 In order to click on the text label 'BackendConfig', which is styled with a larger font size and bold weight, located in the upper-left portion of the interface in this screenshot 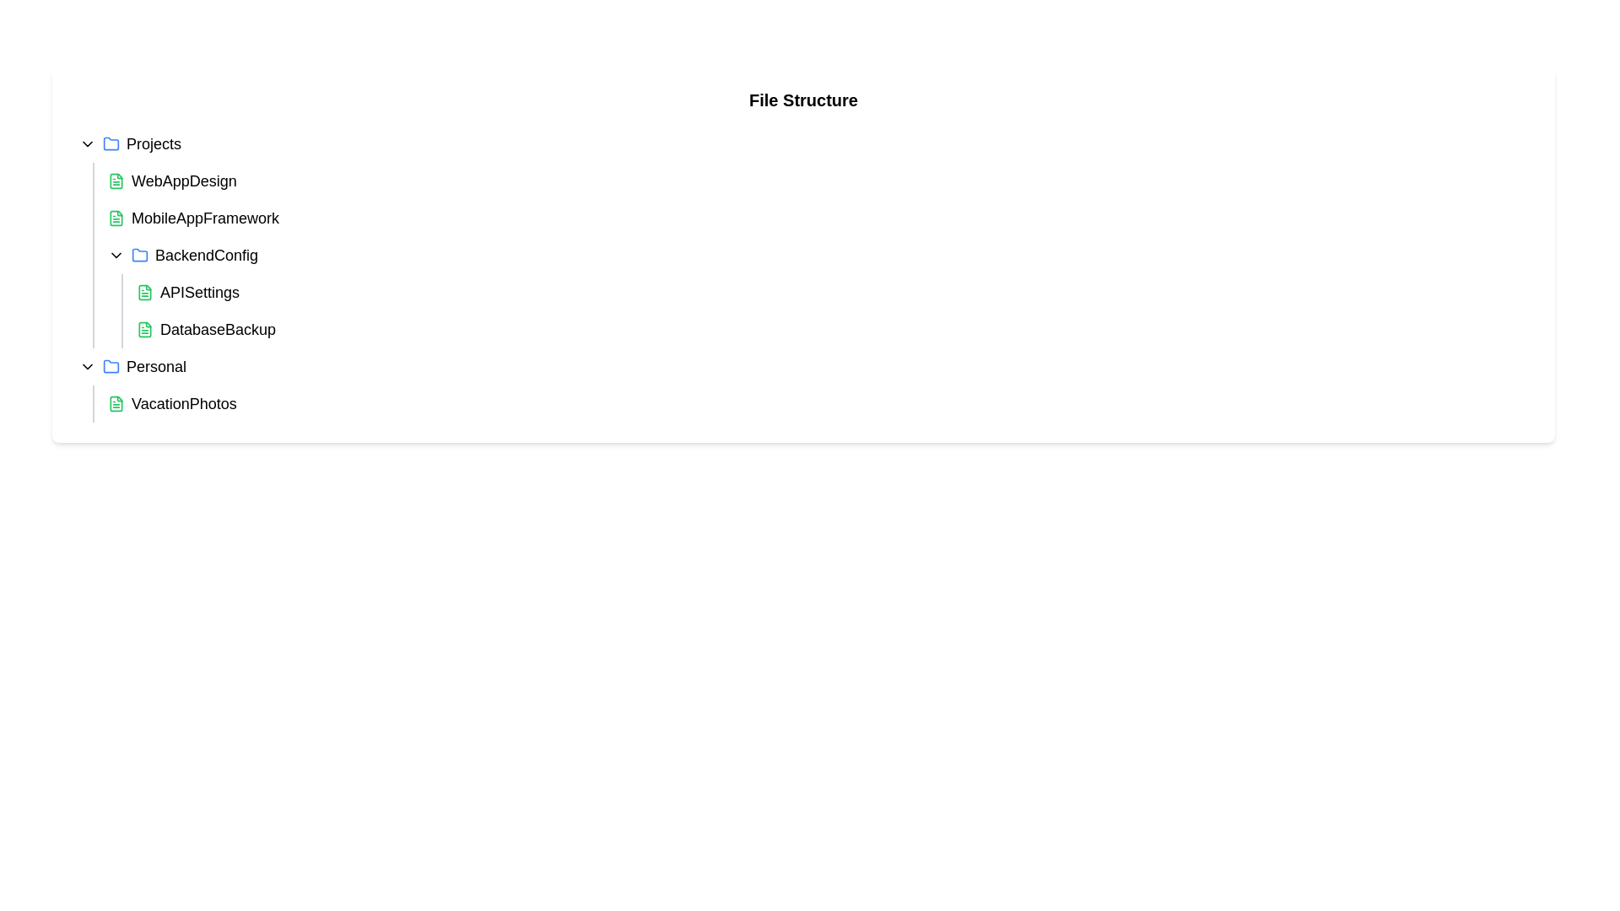, I will do `click(205, 256)`.